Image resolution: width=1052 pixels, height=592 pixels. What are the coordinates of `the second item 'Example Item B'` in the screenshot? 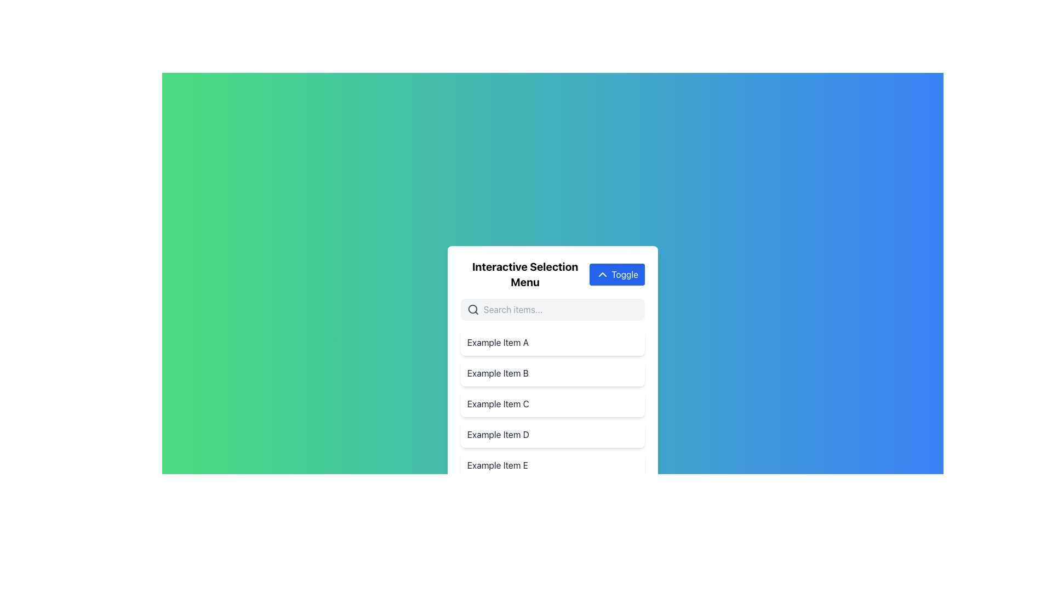 It's located at (552, 368).